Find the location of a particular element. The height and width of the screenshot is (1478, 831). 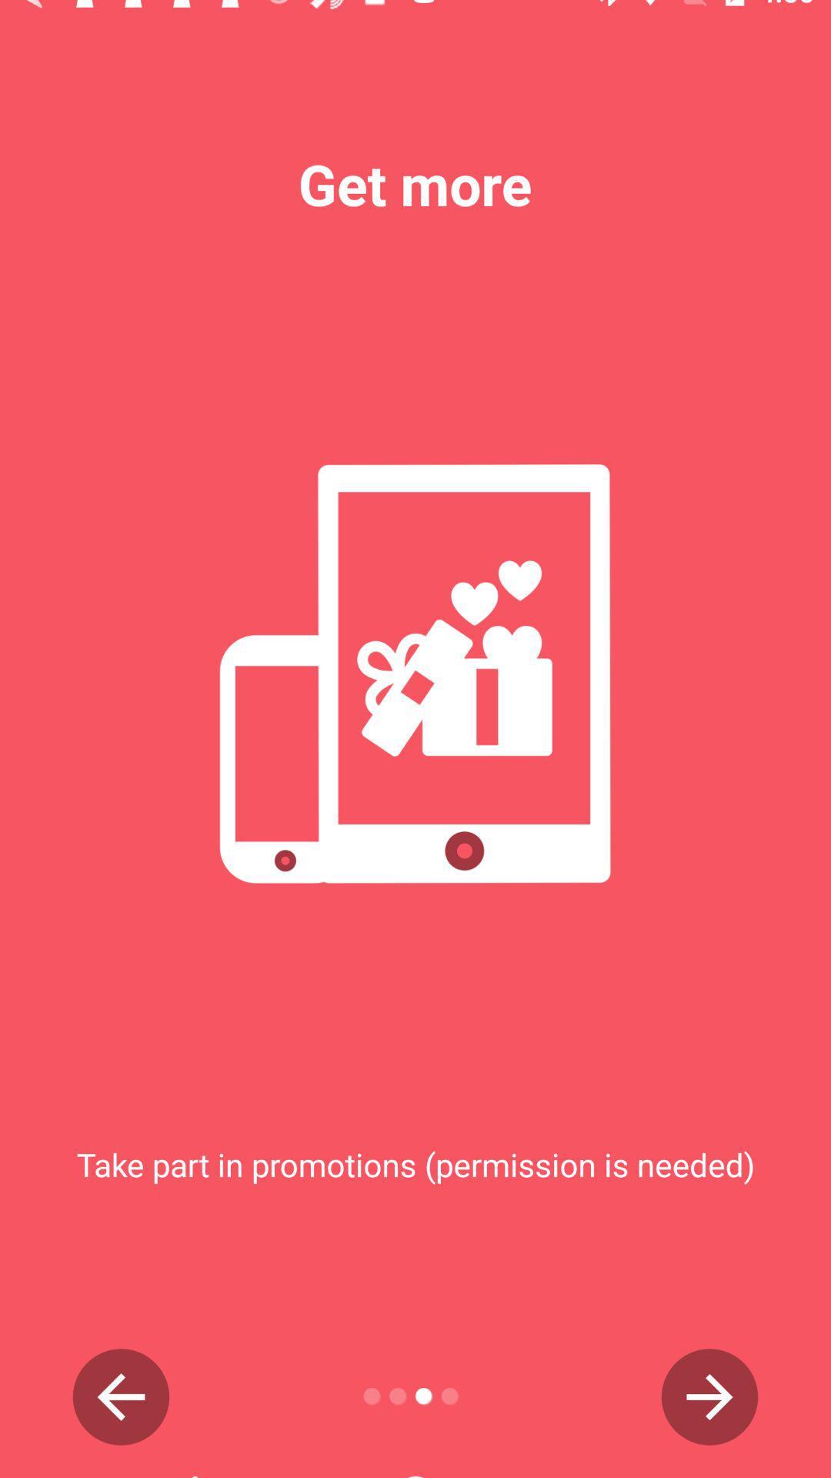

the arrow_backward icon is located at coordinates (120, 1396).